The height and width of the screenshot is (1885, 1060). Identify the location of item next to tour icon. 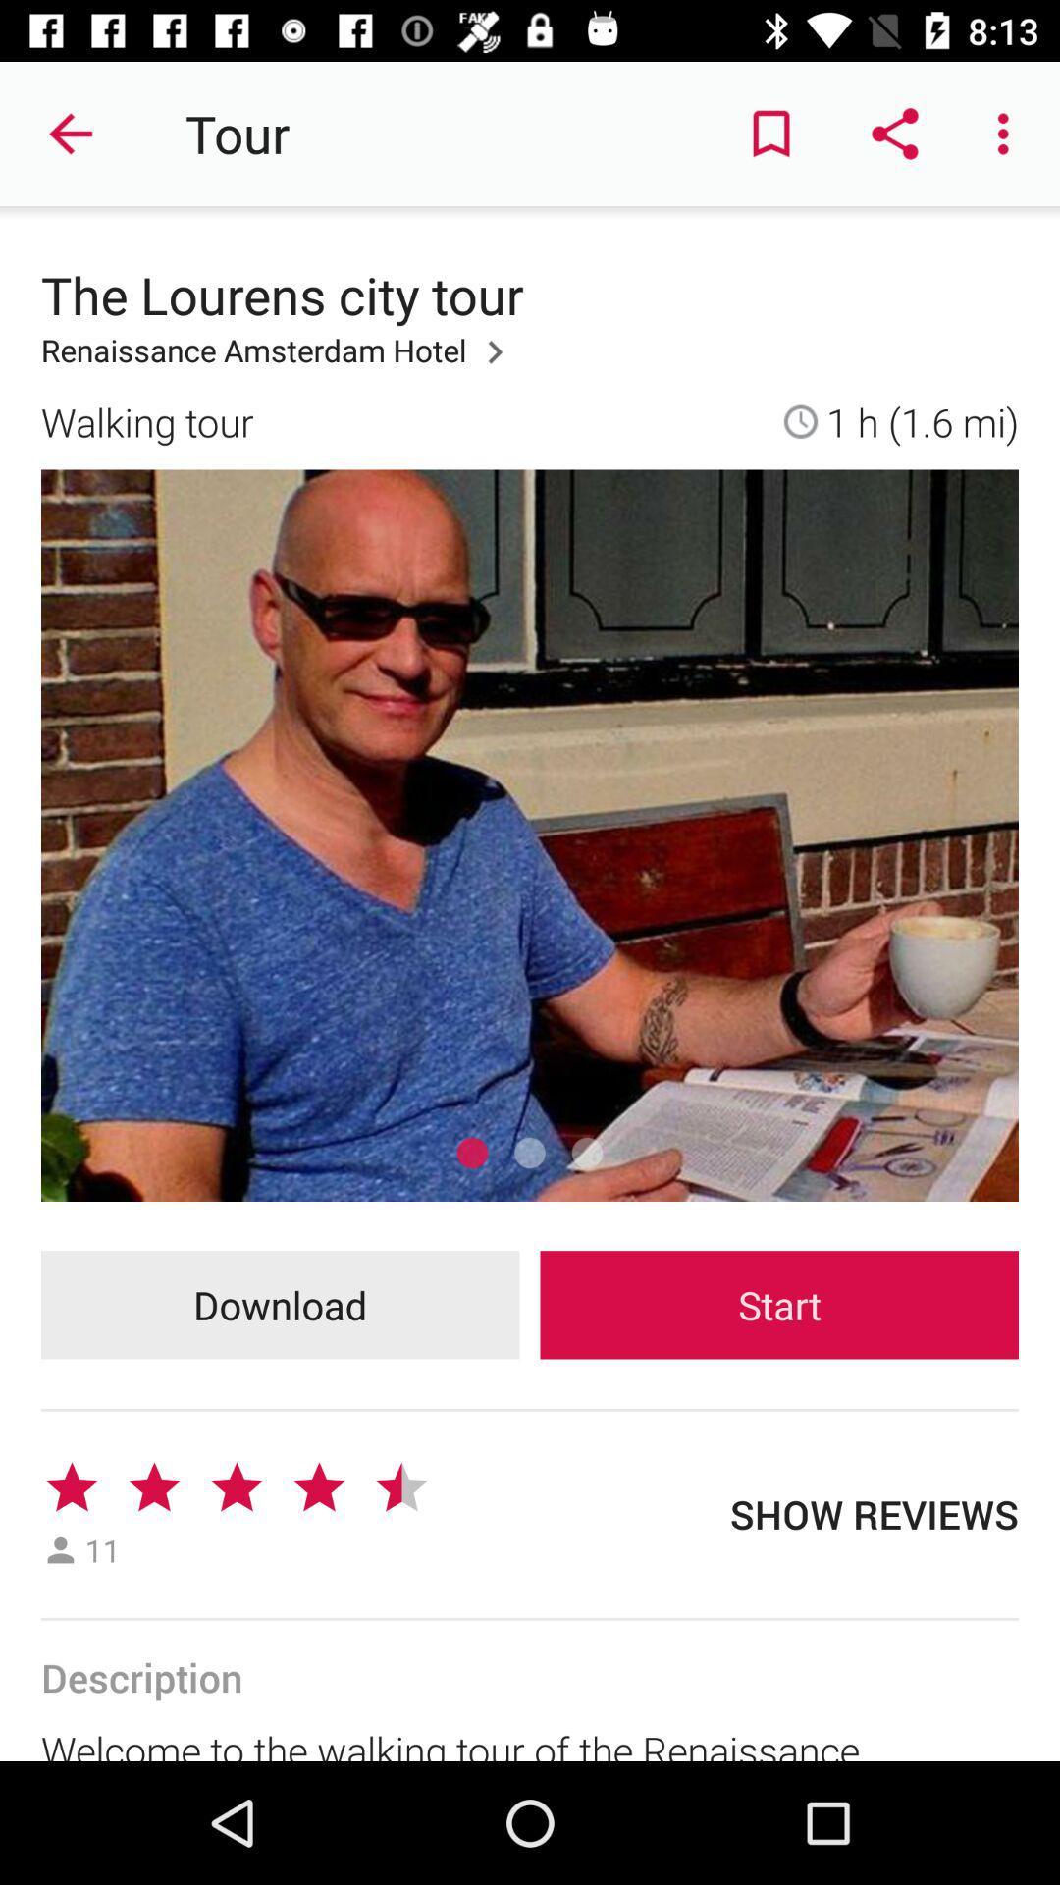
(71, 133).